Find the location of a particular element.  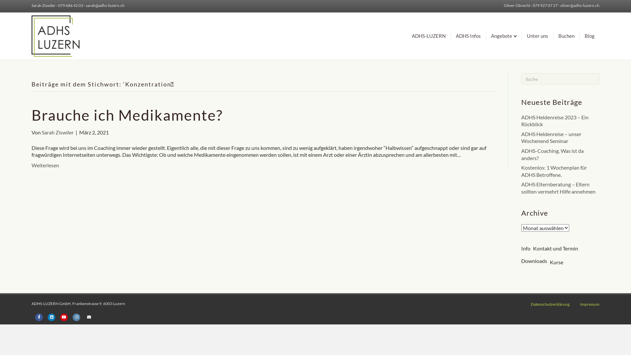

'ADHS Infos' is located at coordinates (468, 36).